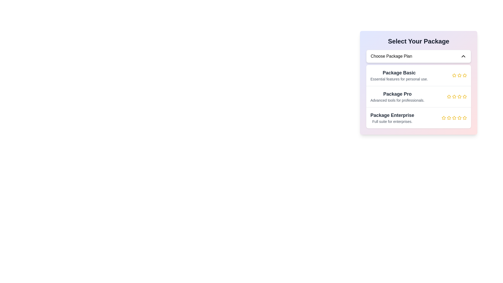  I want to click on the first List item with the text 'Package Basic' and its subtext 'Essential features for personal use.' along with three yellow star icons, located beneath the 'Choose Package Plan' header, so click(418, 75).